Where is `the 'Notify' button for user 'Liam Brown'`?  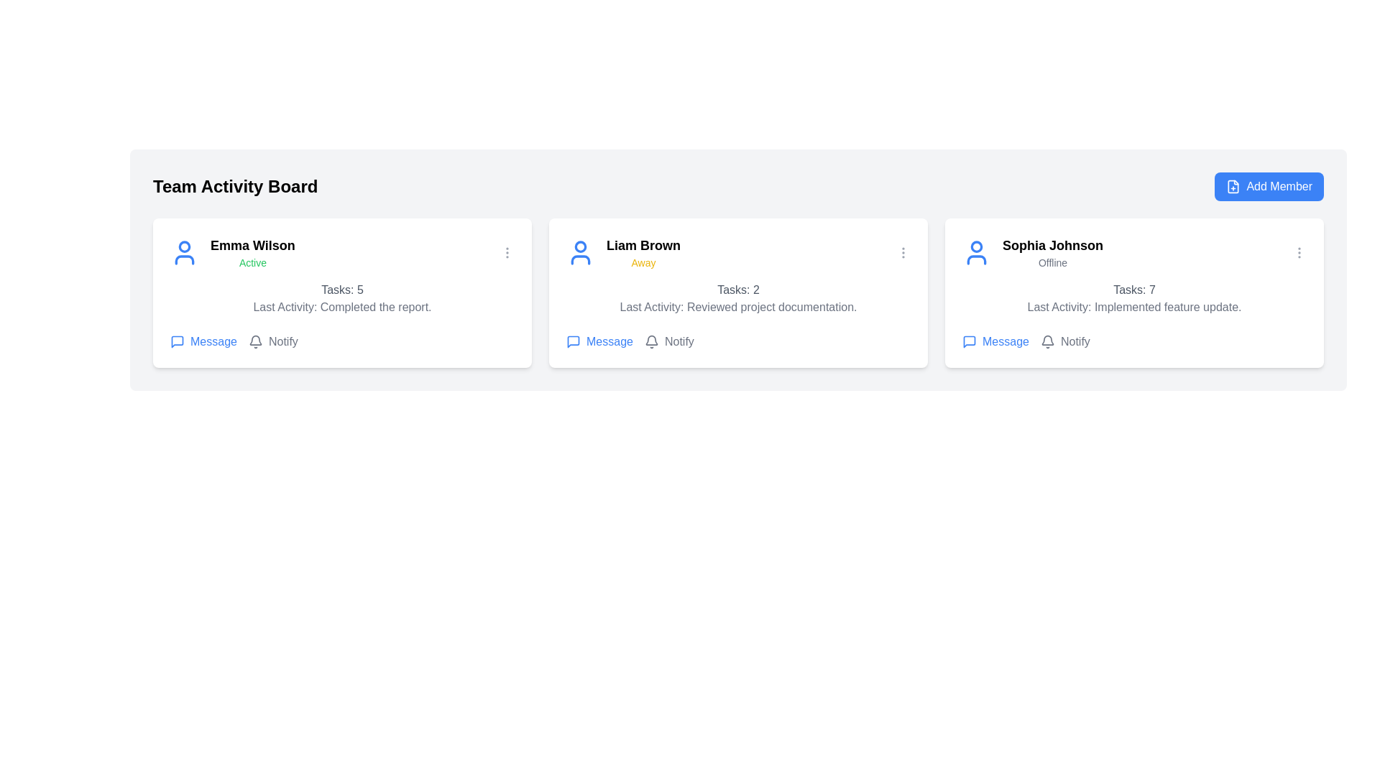 the 'Notify' button for user 'Liam Brown' is located at coordinates (668, 341).